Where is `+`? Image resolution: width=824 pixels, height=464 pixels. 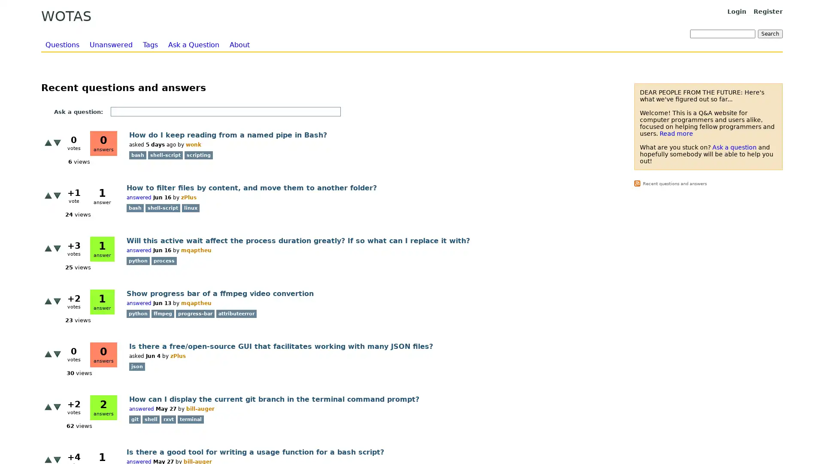
+ is located at coordinates (48, 142).